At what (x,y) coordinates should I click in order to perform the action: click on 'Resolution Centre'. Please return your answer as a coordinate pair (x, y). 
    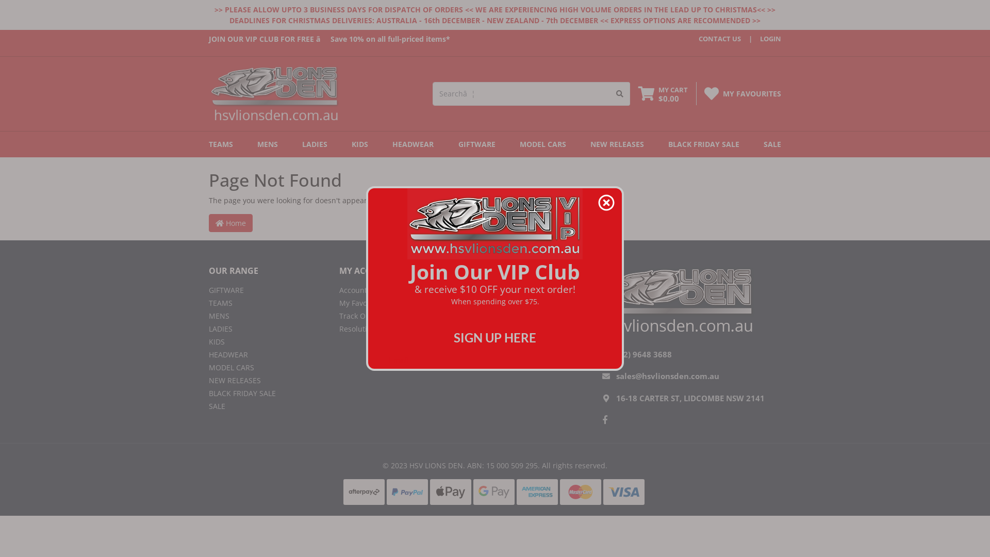
    Looking at the image, I should click on (396, 329).